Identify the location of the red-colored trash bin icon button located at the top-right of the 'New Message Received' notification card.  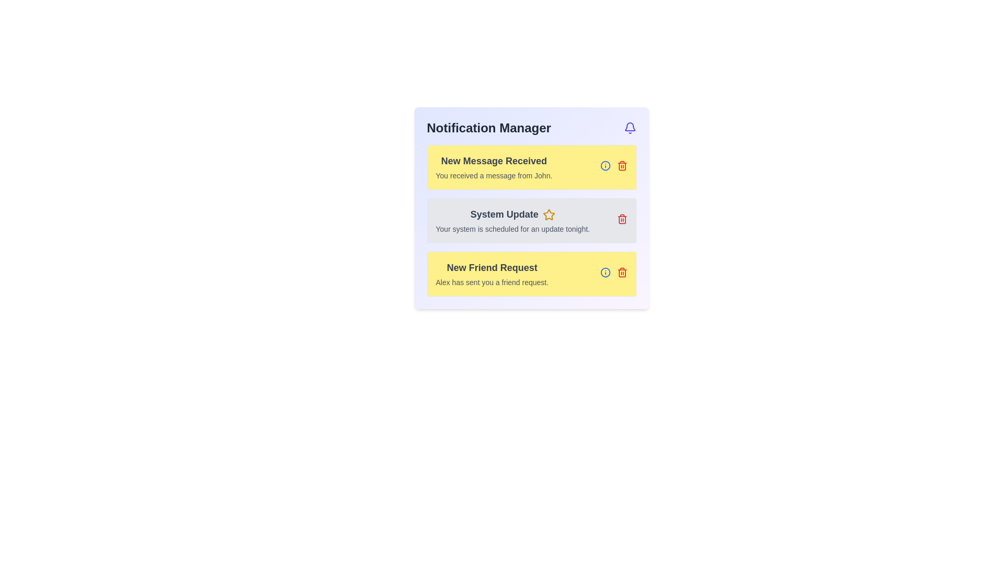
(622, 165).